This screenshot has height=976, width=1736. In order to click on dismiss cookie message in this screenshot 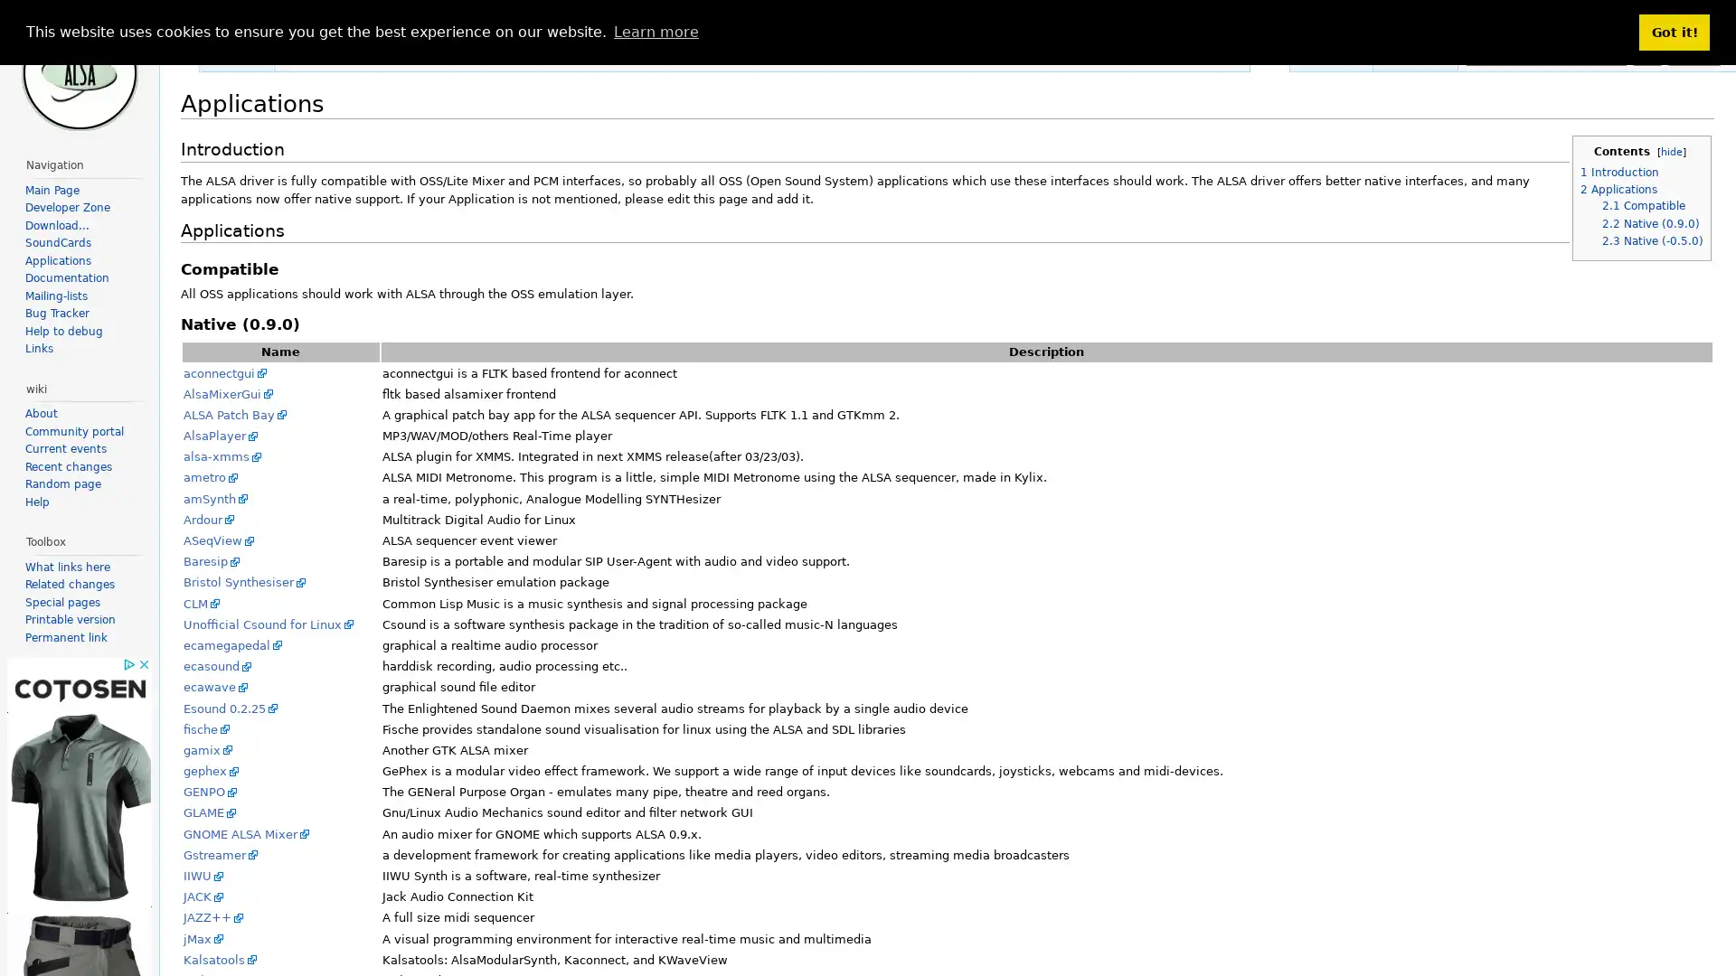, I will do `click(1674, 32)`.